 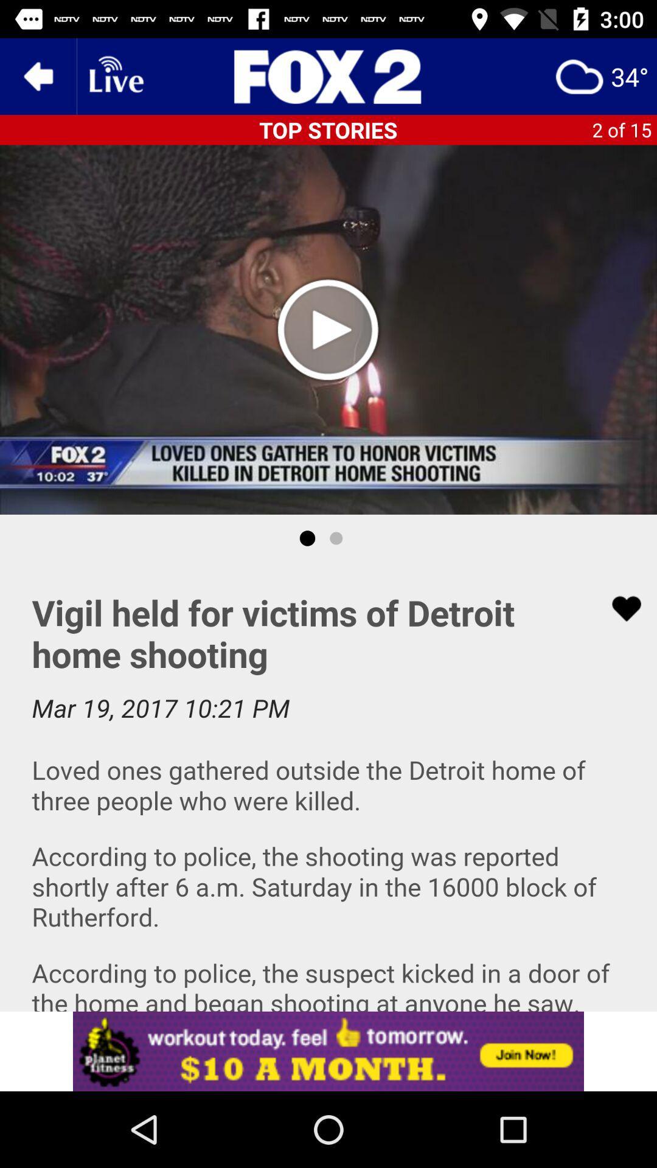 What do you see at coordinates (115, 75) in the screenshot?
I see `watch news live` at bounding box center [115, 75].